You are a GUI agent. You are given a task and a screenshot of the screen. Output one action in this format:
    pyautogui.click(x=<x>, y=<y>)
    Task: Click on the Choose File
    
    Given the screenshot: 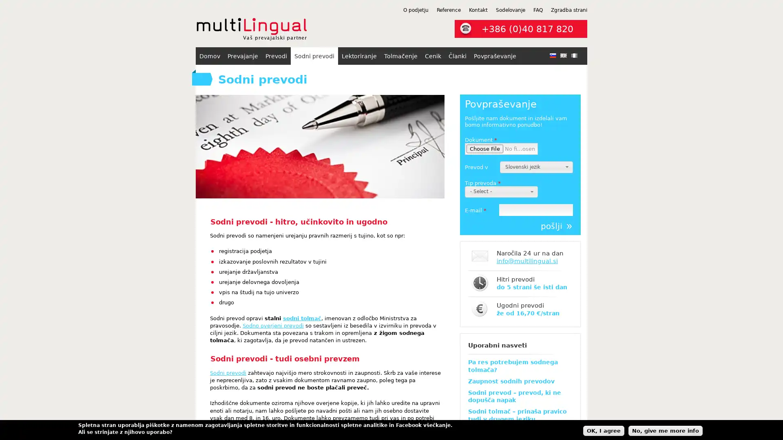 What is the action you would take?
    pyautogui.click(x=485, y=149)
    